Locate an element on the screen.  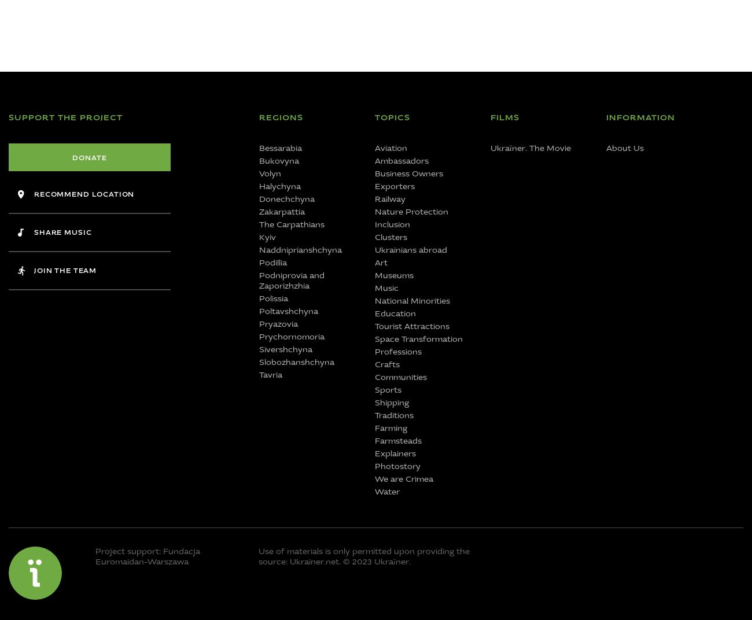
'Halychyna' is located at coordinates (279, 186).